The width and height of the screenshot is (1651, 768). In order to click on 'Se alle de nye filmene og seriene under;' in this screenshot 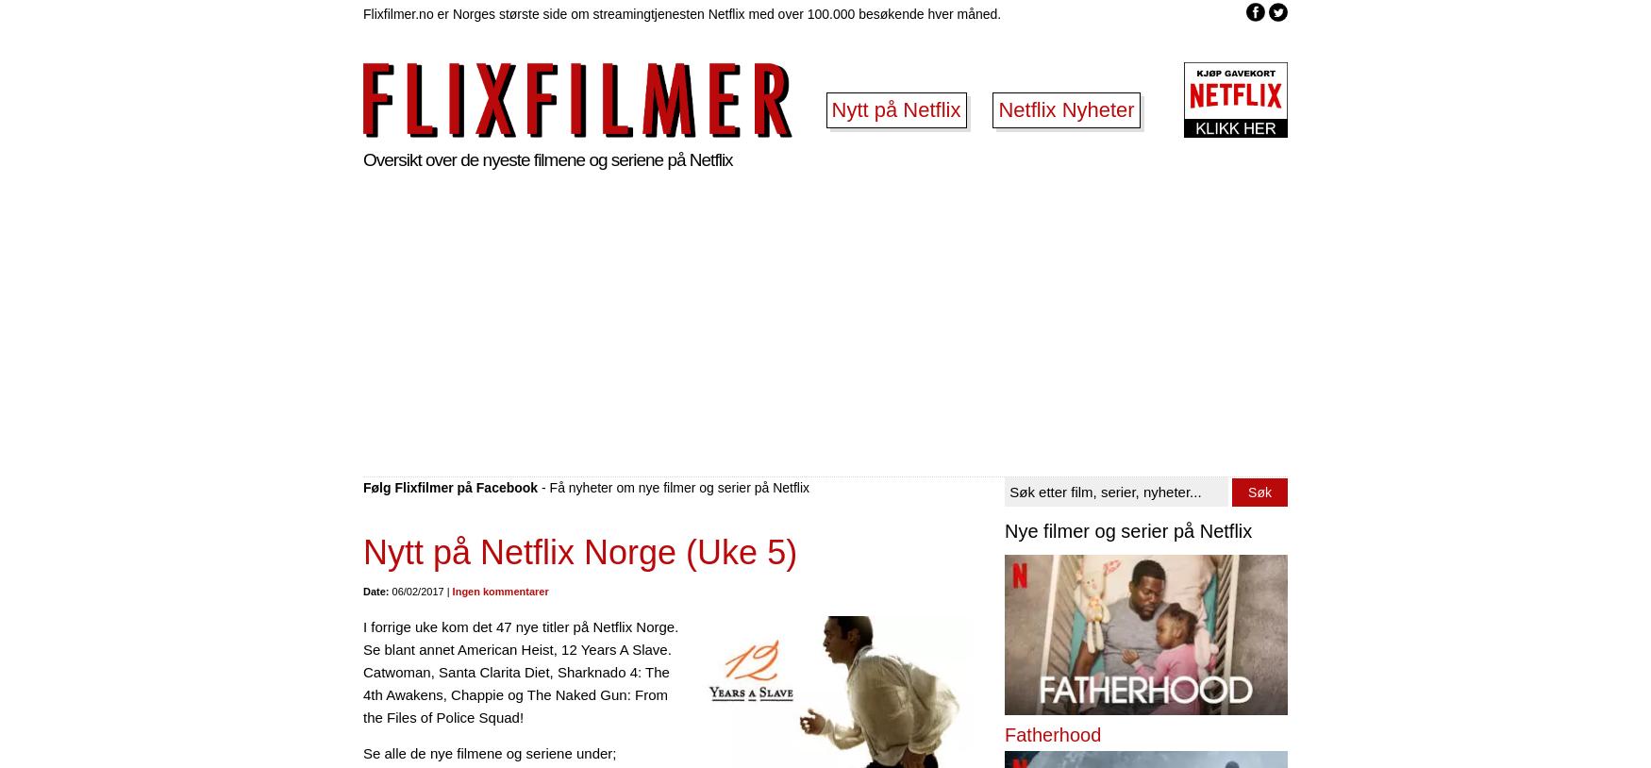, I will do `click(362, 753)`.